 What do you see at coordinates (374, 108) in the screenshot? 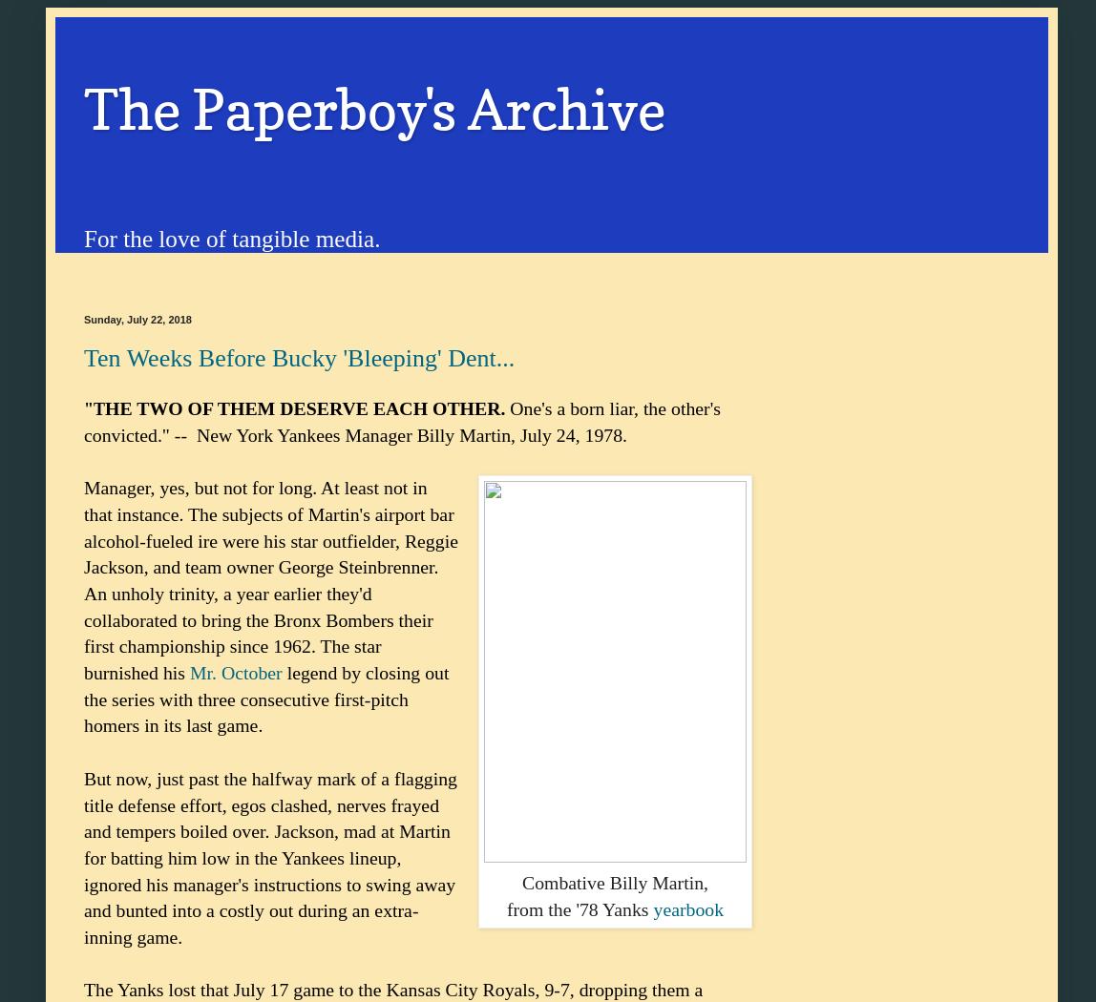
I see `'The Paperboy's Archive'` at bounding box center [374, 108].